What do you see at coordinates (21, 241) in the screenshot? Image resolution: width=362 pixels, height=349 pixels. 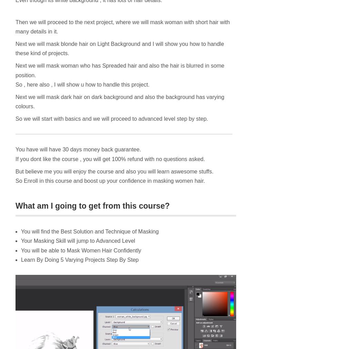 I see `'Your Masking Skill will jump to Advanced Level'` at bounding box center [21, 241].